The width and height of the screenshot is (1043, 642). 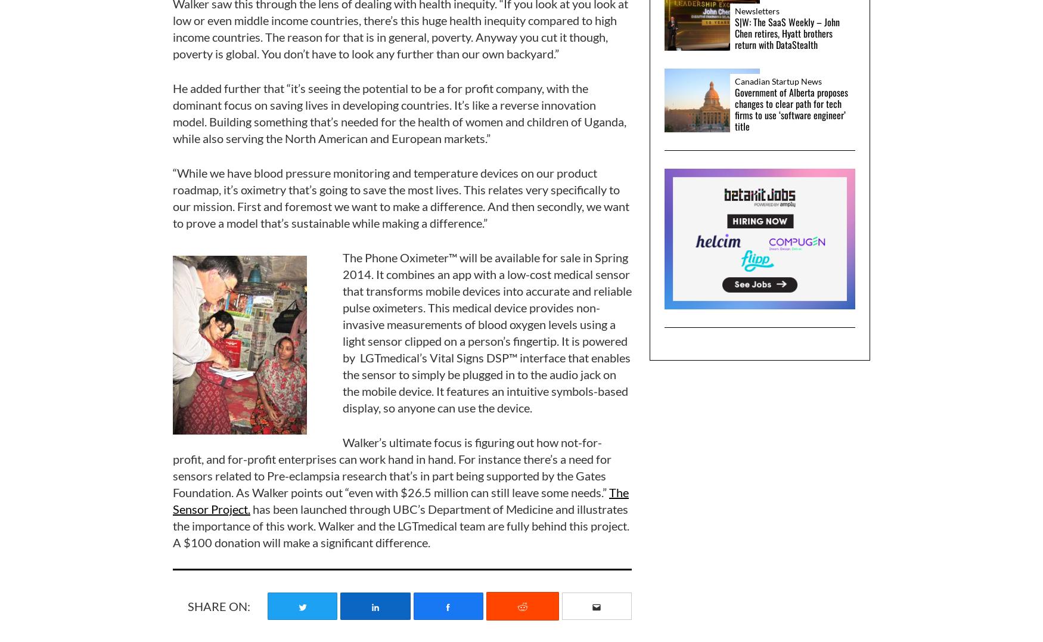 I want to click on 'Newsletters', so click(x=735, y=10).